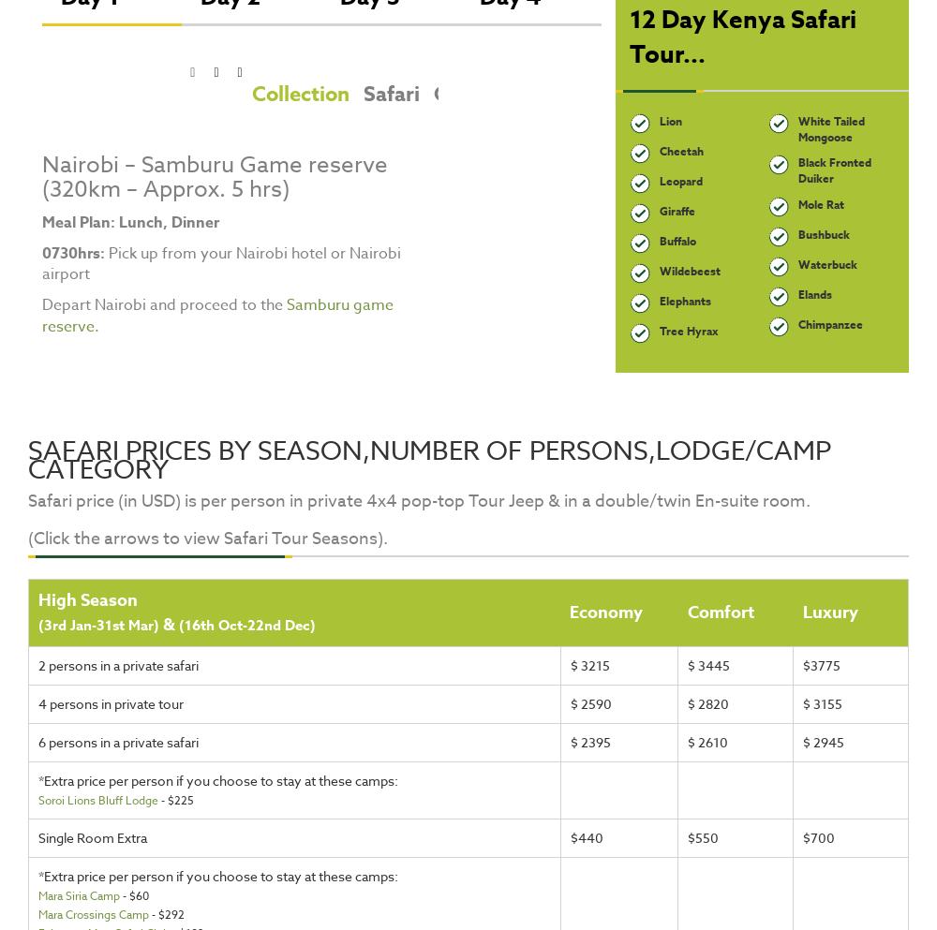 This screenshot has height=930, width=937. I want to click on 'Tree Hyrax', so click(658, 330).